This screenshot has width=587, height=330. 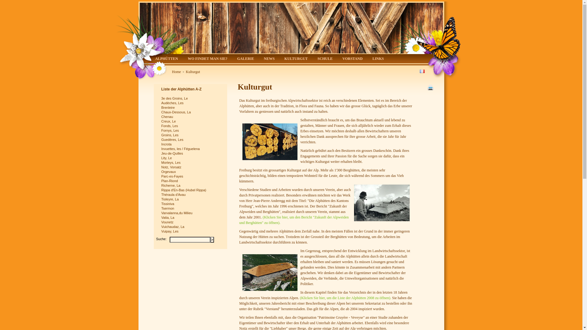 I want to click on 'Richerne, La', so click(x=161, y=185).